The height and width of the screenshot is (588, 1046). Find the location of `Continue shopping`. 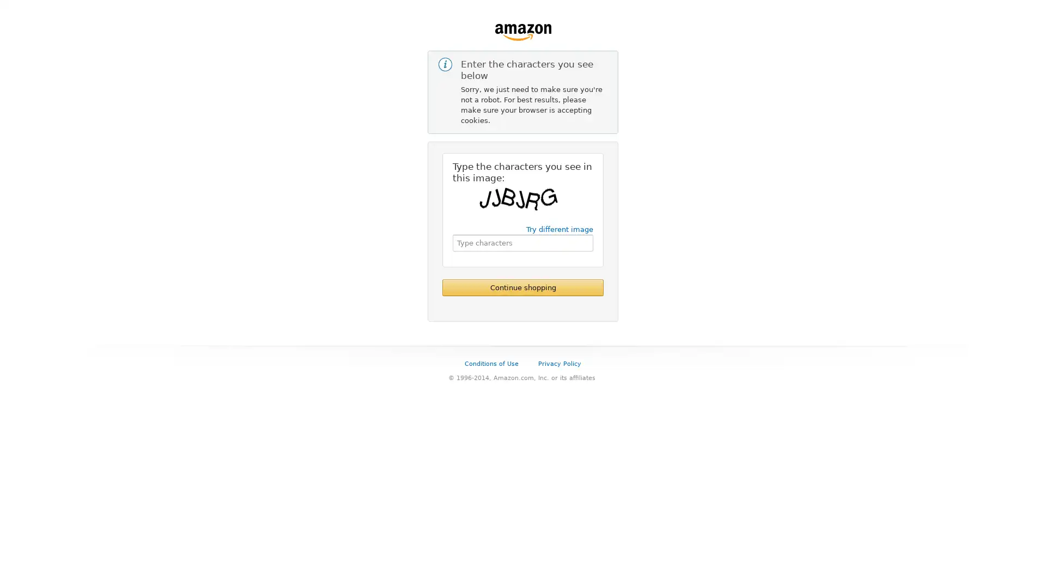

Continue shopping is located at coordinates (523, 287).